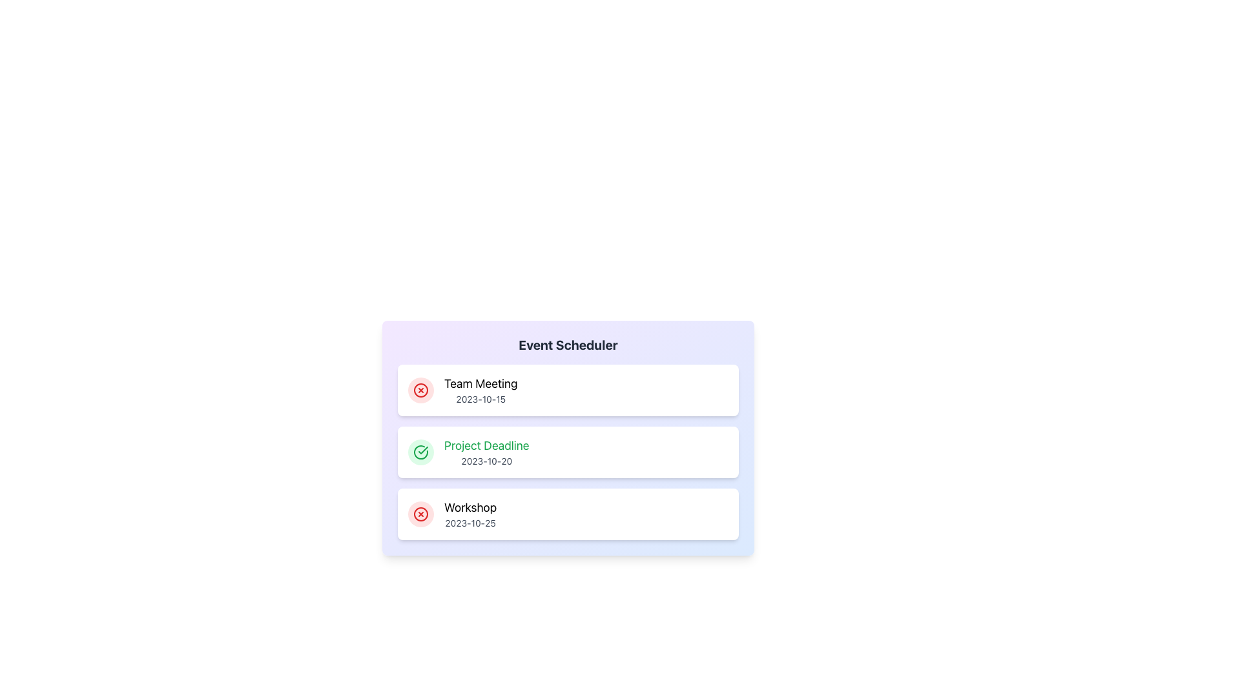  What do you see at coordinates (421, 452) in the screenshot?
I see `the visual representation of the approval icon located next to the text 'Project Deadline' in the 'Event Scheduler' list` at bounding box center [421, 452].